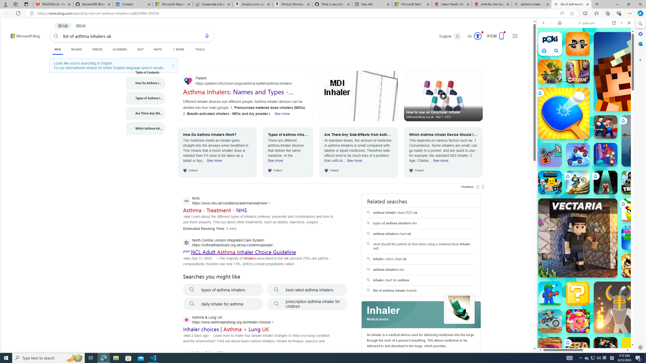 The height and width of the screenshot is (363, 646). What do you see at coordinates (586, 23) in the screenshot?
I see `'poki.com'` at bounding box center [586, 23].